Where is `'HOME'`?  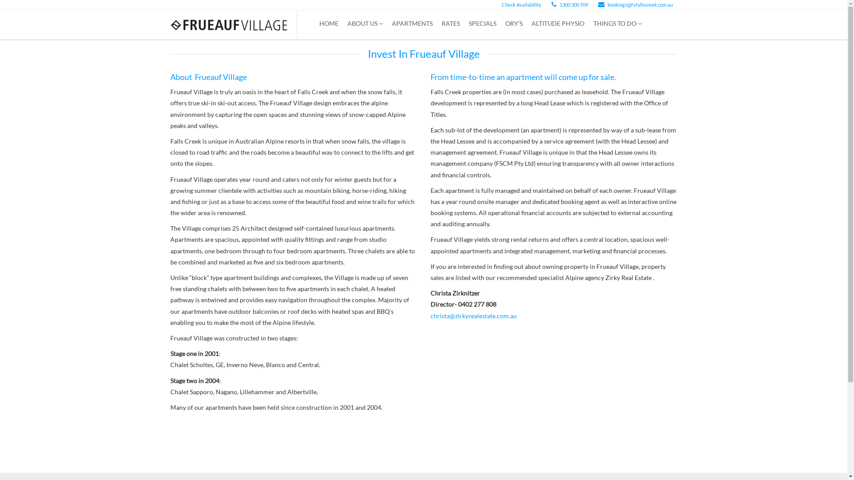 'HOME' is located at coordinates (315, 23).